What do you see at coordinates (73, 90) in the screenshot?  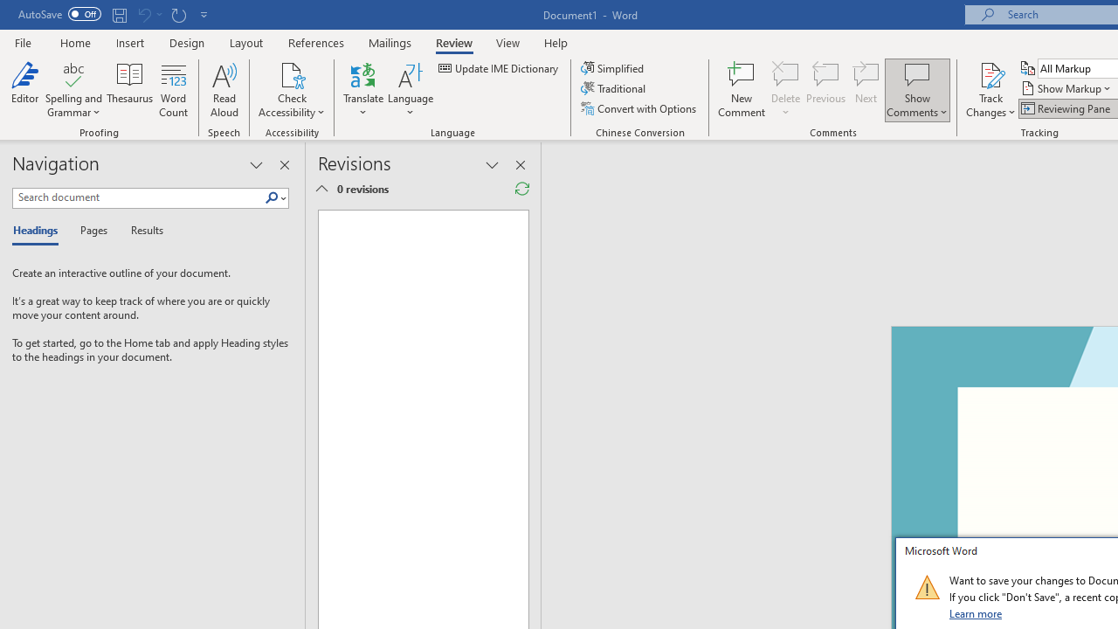 I see `'Spelling and Grammar'` at bounding box center [73, 90].